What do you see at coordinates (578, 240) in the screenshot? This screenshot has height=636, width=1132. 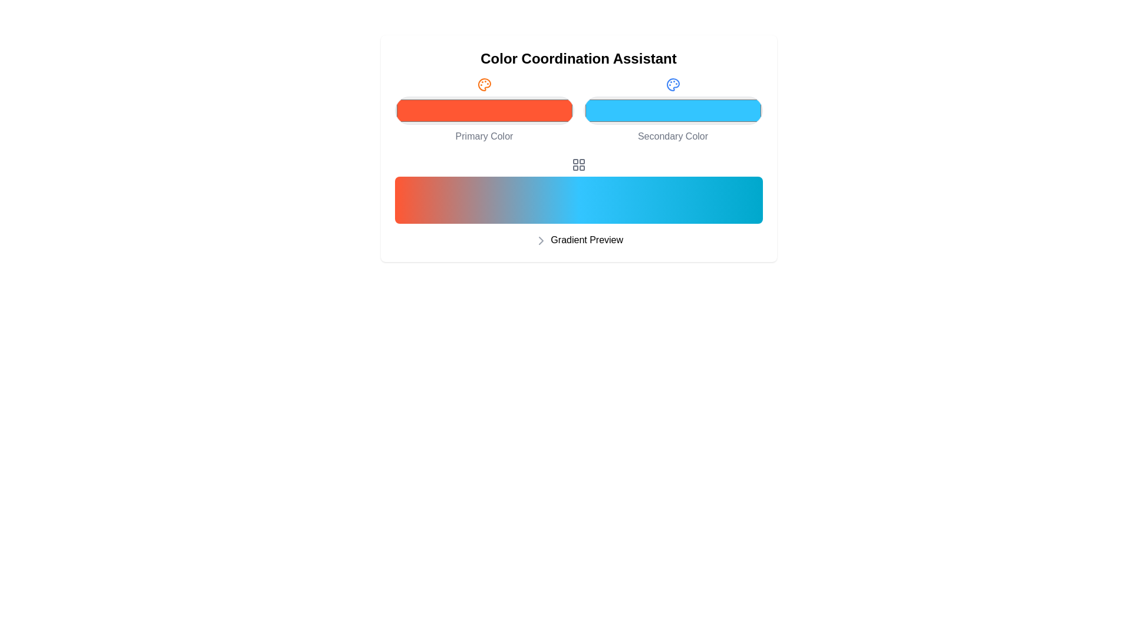 I see `the 'Gradient Preview' label, which features center-aligned text and a small right-pointing arrow icon, located at the bottom of its section` at bounding box center [578, 240].